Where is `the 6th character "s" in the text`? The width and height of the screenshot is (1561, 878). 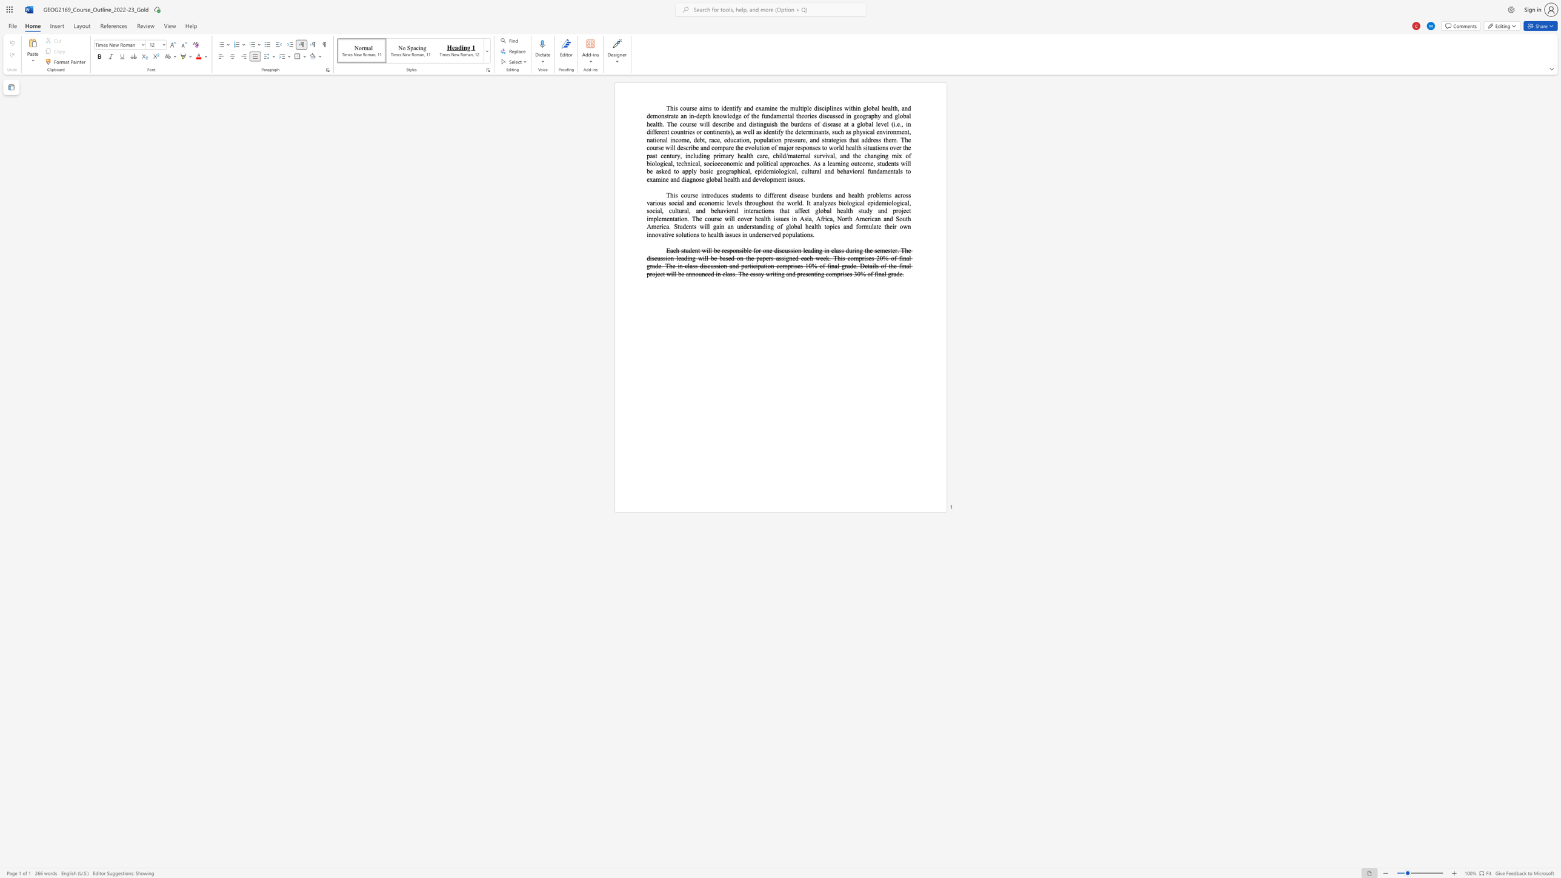
the 6th character "s" in the text is located at coordinates (864, 131).